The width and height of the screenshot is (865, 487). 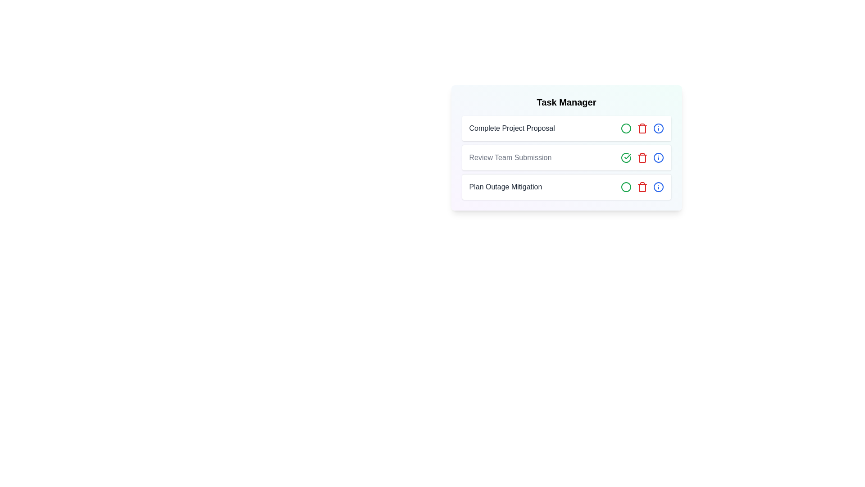 What do you see at coordinates (658, 187) in the screenshot?
I see `'Info' button for the task titled 'Plan Outage Mitigation'` at bounding box center [658, 187].